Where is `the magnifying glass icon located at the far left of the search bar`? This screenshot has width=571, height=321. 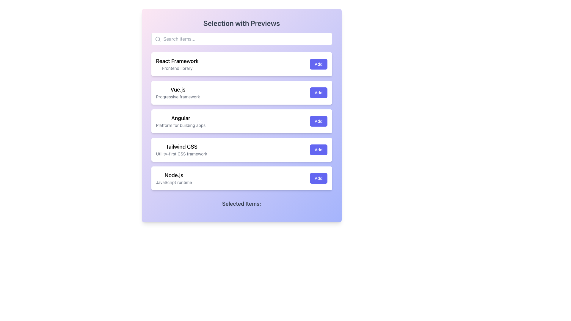 the magnifying glass icon located at the far left of the search bar is located at coordinates (158, 39).